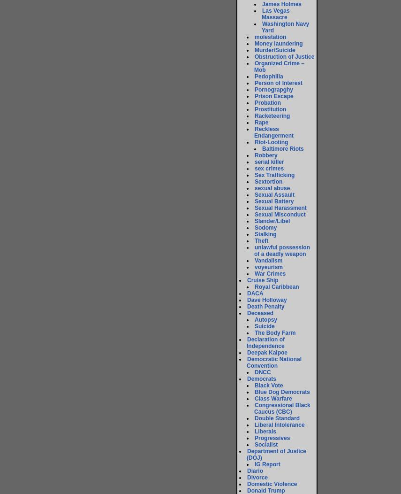  What do you see at coordinates (255, 293) in the screenshot?
I see `'DACA'` at bounding box center [255, 293].